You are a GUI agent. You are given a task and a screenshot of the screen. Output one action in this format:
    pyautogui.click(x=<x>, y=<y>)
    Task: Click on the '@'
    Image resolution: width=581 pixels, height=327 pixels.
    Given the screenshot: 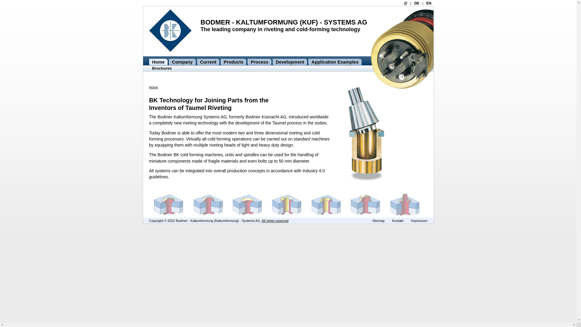 What is the action you would take?
    pyautogui.click(x=404, y=3)
    